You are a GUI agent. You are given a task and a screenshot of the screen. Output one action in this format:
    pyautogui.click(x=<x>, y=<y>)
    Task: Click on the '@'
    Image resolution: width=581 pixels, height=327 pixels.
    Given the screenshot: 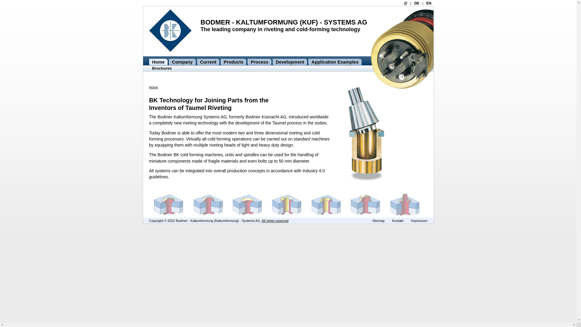 What is the action you would take?
    pyautogui.click(x=404, y=3)
    